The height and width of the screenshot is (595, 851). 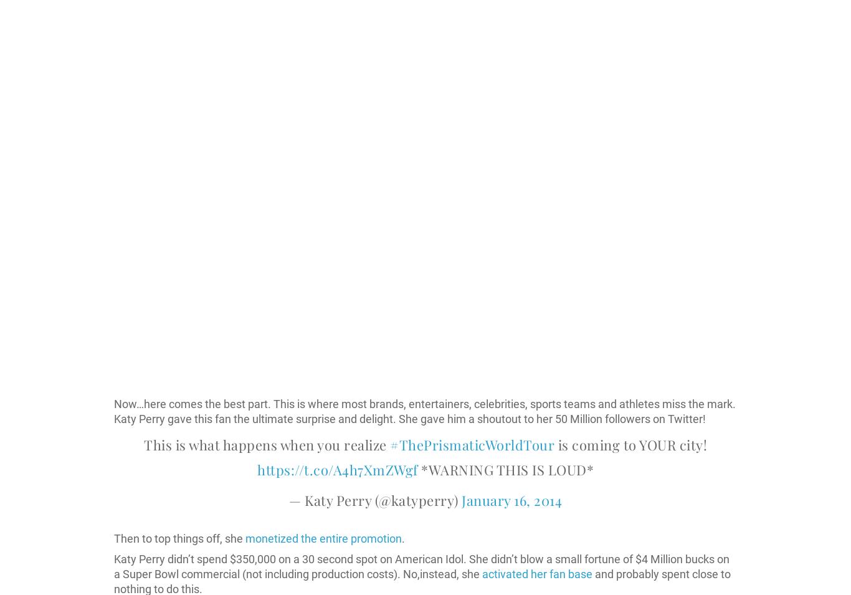 I want to click on 'Katy Perry didn’t spend $350,000 on a 30 second spot on American Idol. She didn’t blow a small fortune of $4 Million bucks on a Super Bowl commercial (not including production costs). No,instead, she', so click(x=421, y=566).